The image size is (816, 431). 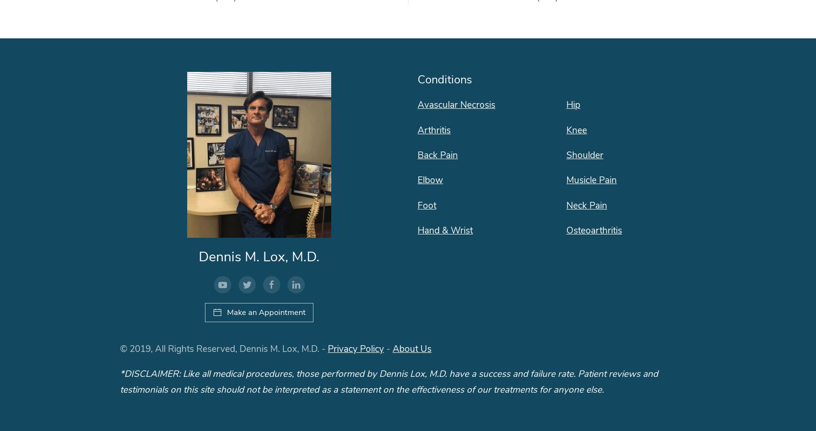 What do you see at coordinates (412, 349) in the screenshot?
I see `'About Us'` at bounding box center [412, 349].